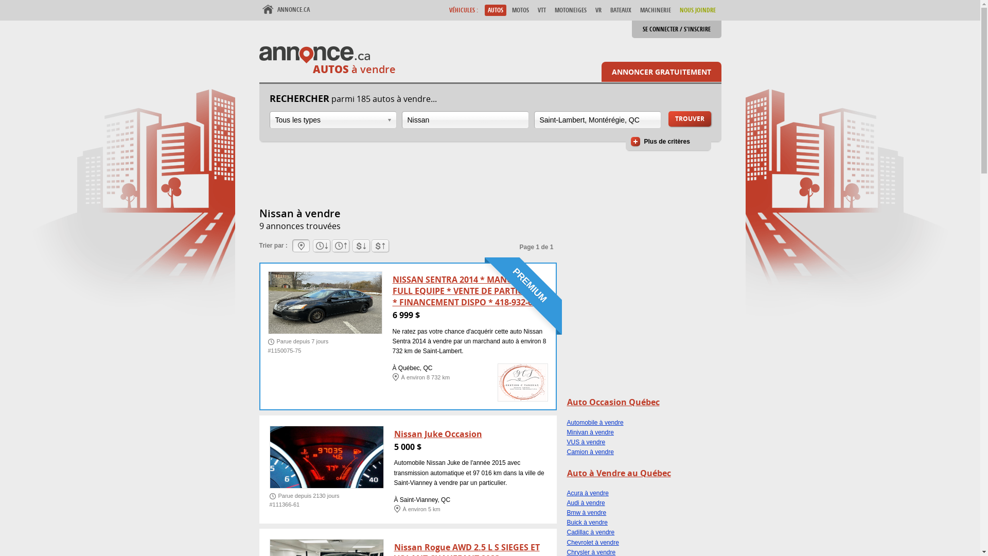  Describe the element at coordinates (540, 10) in the screenshot. I see `'VTT'` at that location.